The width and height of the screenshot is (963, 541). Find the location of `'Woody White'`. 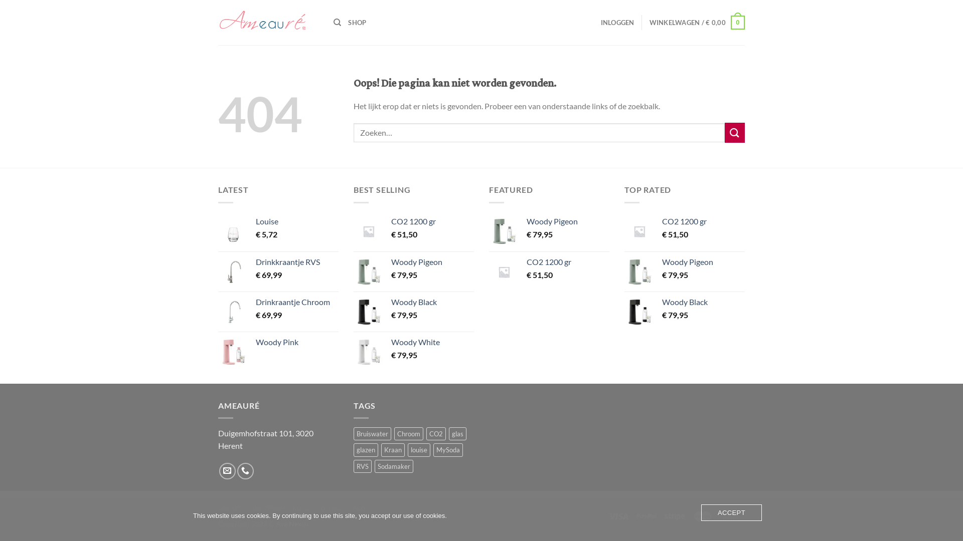

'Woody White' is located at coordinates (432, 342).